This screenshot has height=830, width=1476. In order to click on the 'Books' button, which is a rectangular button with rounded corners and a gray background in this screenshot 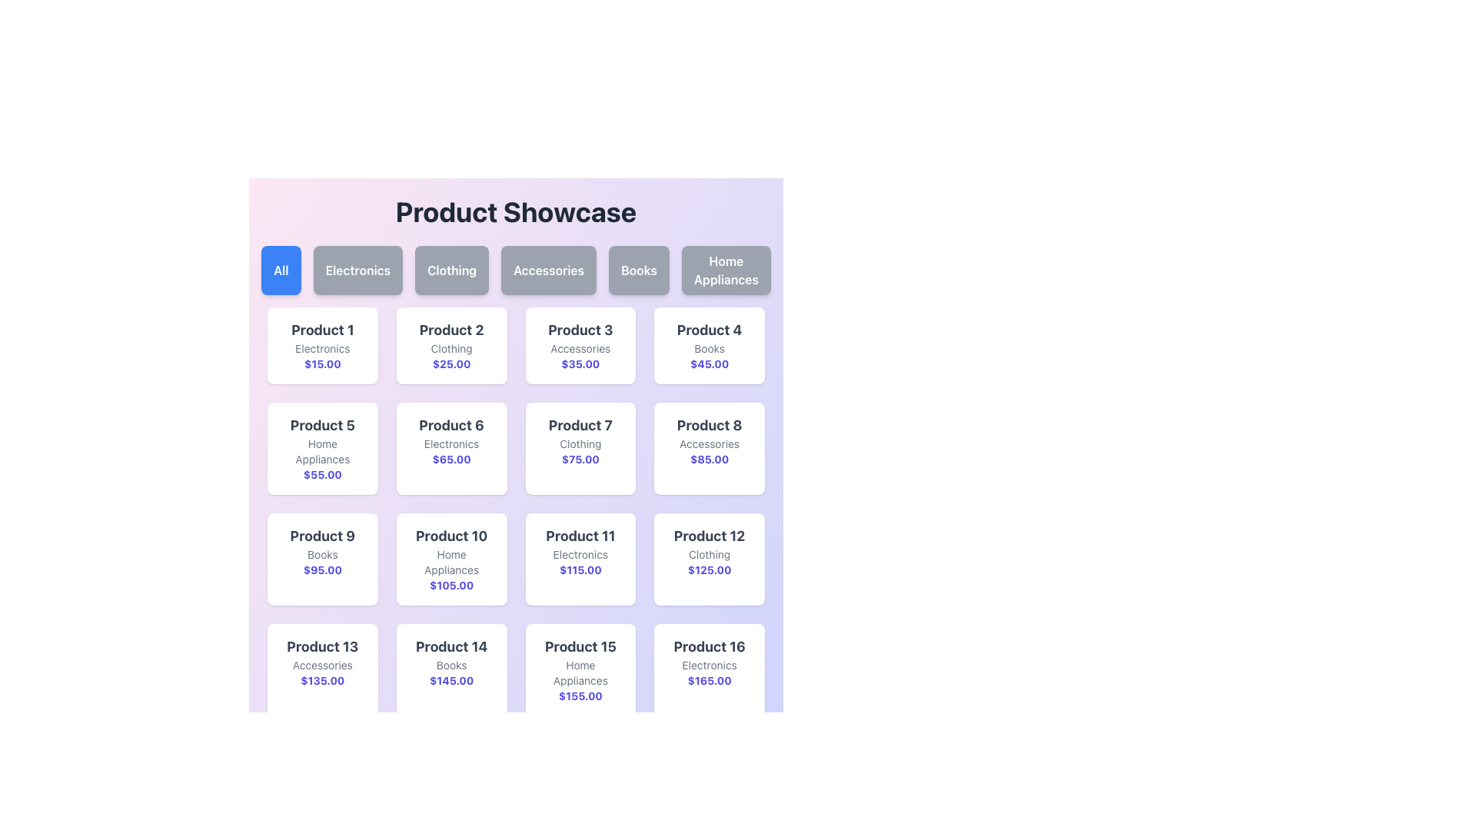, I will do `click(639, 269)`.